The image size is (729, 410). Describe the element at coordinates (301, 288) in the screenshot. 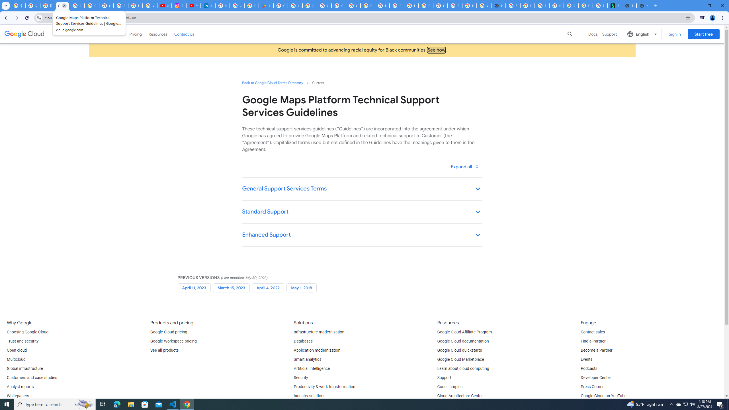

I see `'May 1, 2018'` at that location.